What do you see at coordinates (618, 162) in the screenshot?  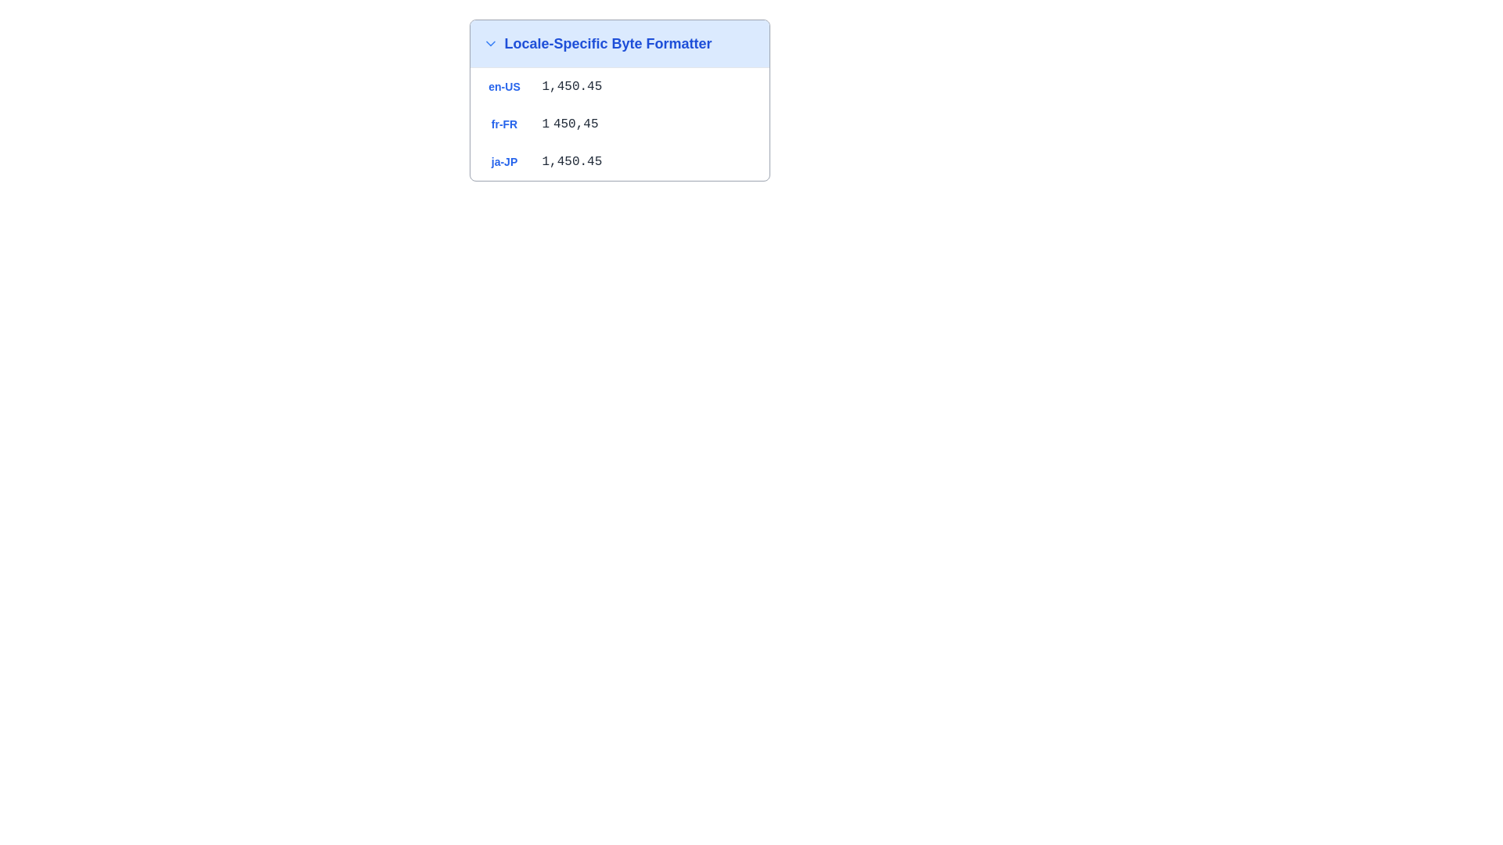 I see `the third row in the list of locale-specific entries that represents the locale 'ja-JP' and the value '1,450.45'` at bounding box center [618, 162].